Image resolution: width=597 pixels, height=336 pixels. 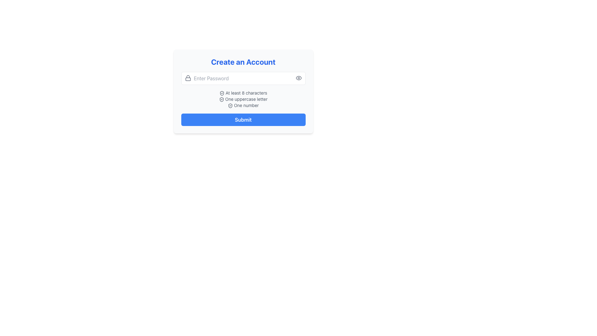 What do you see at coordinates (243, 105) in the screenshot?
I see `the Text Label with Icon displaying 'One number' to possibly see additional information` at bounding box center [243, 105].